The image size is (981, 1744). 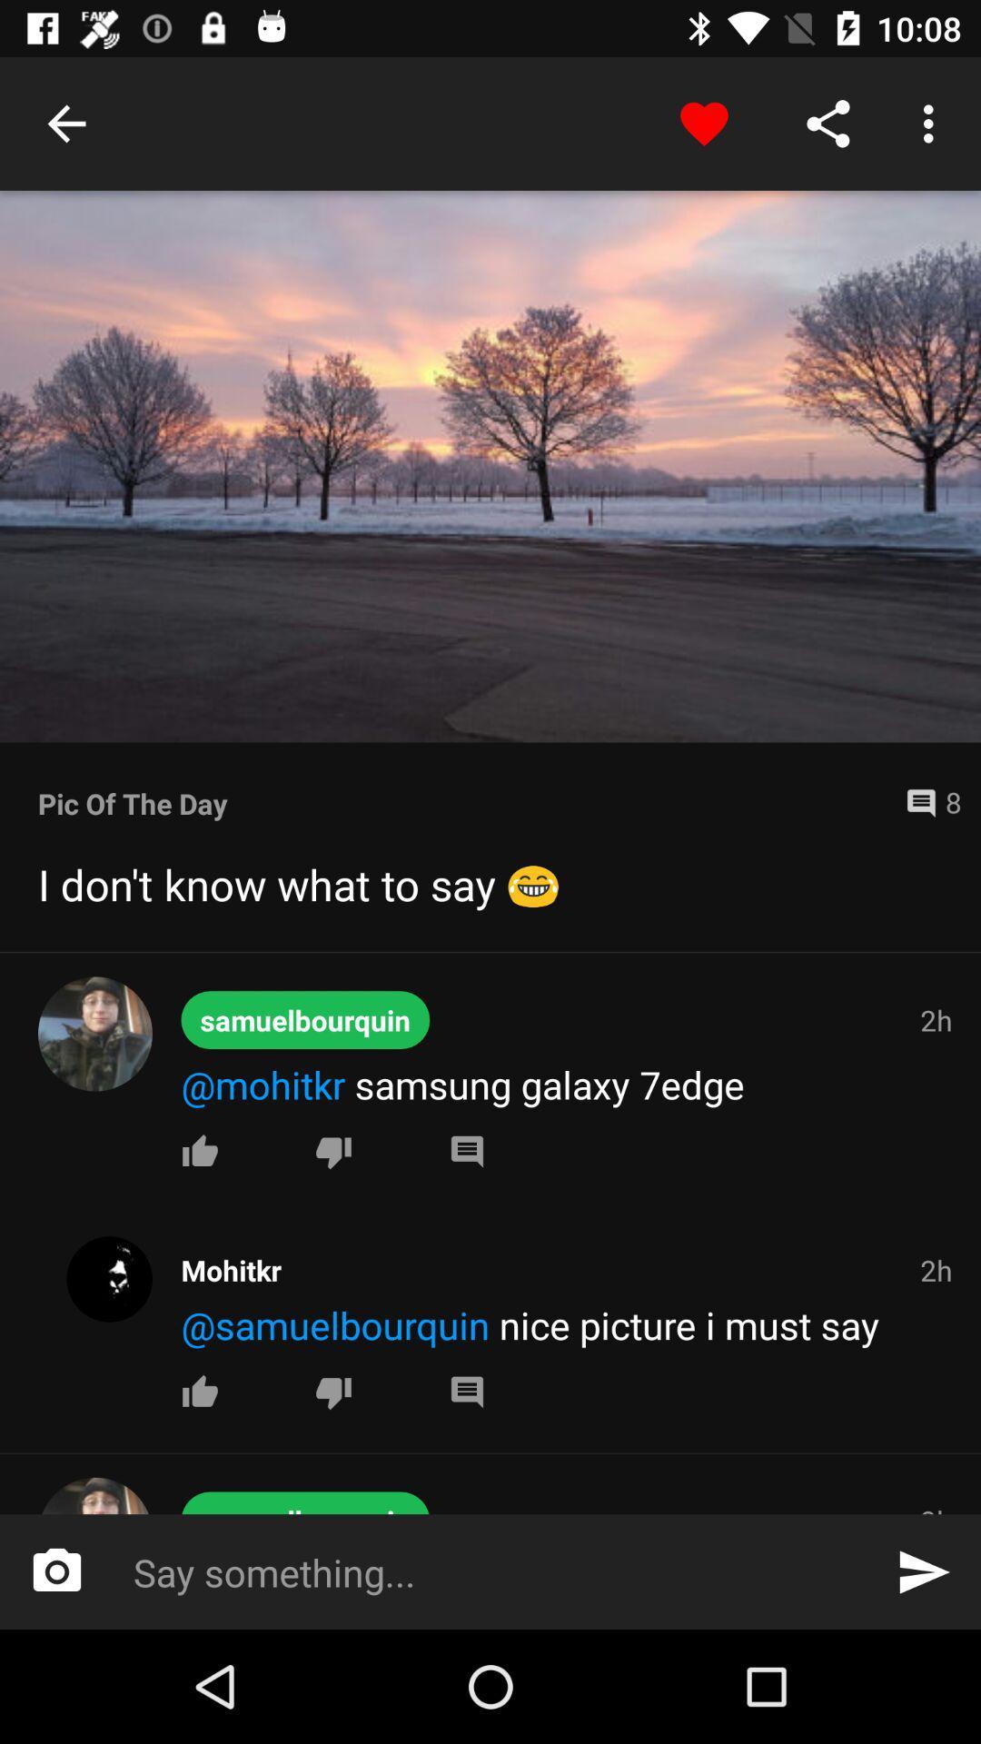 What do you see at coordinates (926, 802) in the screenshot?
I see `icon to the right of pic of the` at bounding box center [926, 802].